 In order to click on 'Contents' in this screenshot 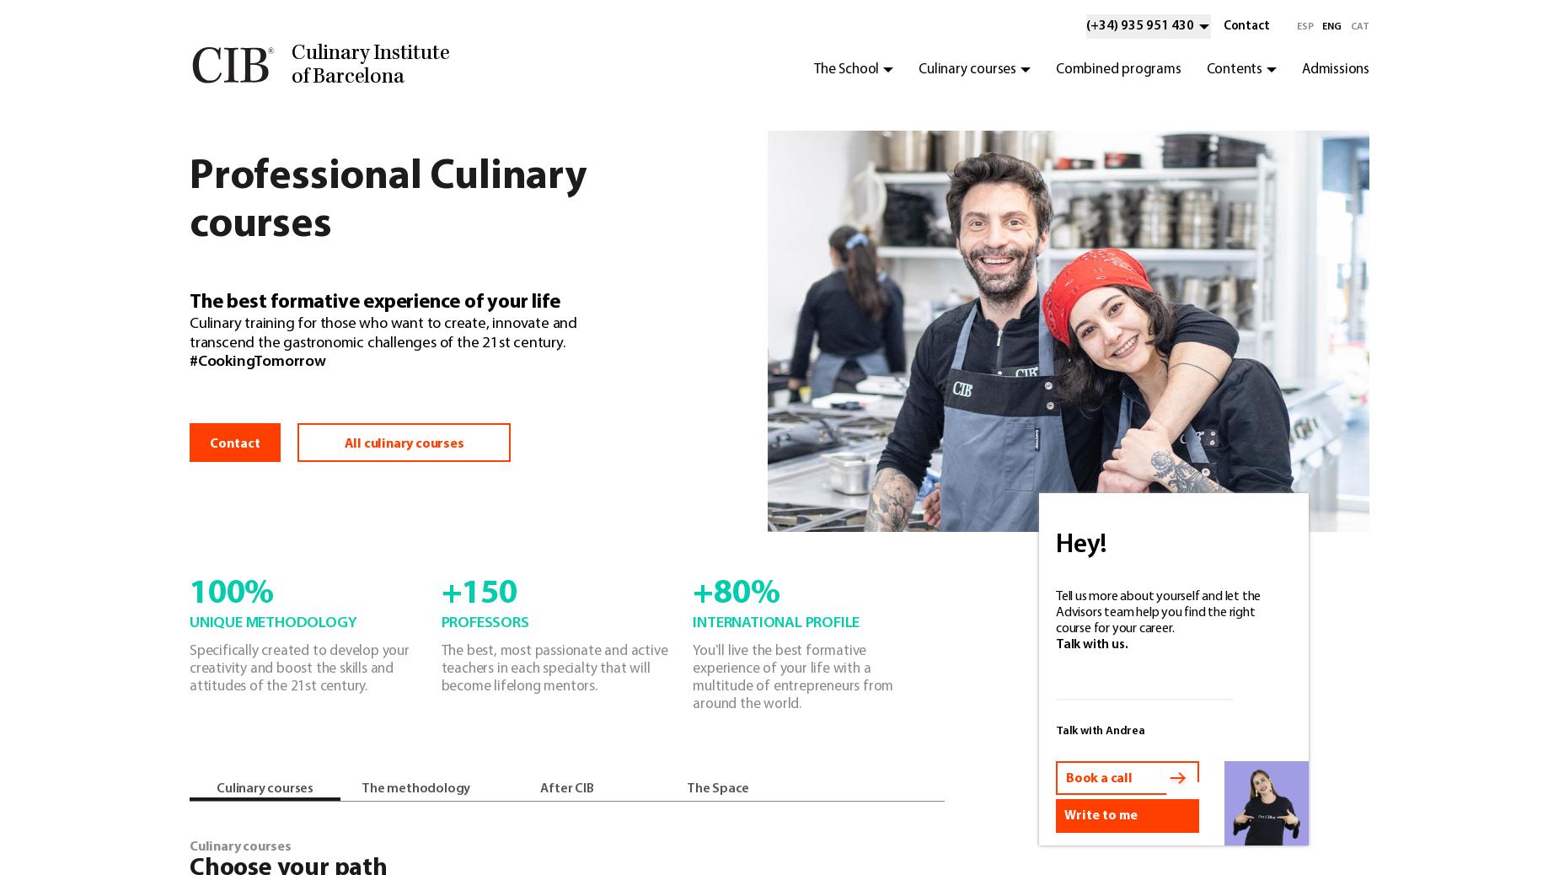, I will do `click(1234, 69)`.